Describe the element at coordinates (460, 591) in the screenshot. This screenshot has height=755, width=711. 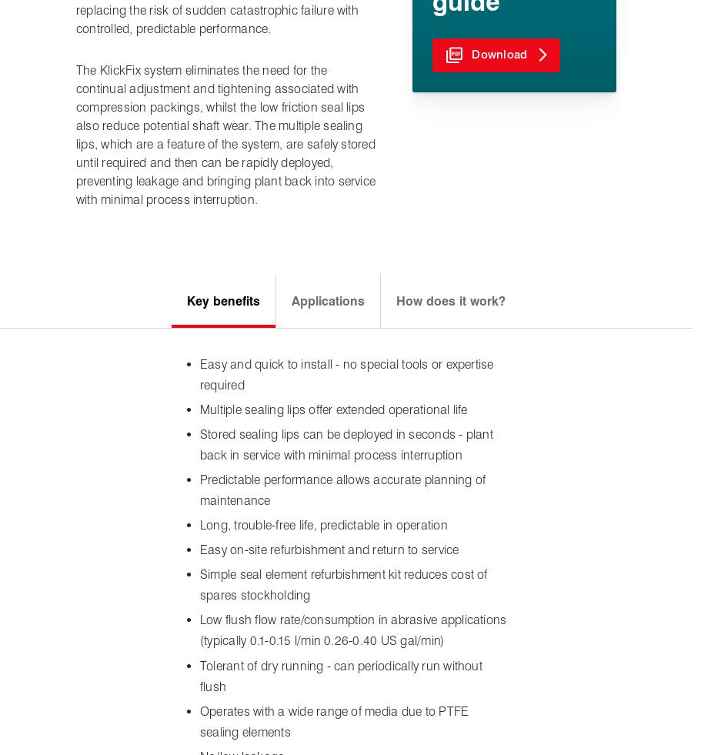
I see `'James Walker Group'` at that location.